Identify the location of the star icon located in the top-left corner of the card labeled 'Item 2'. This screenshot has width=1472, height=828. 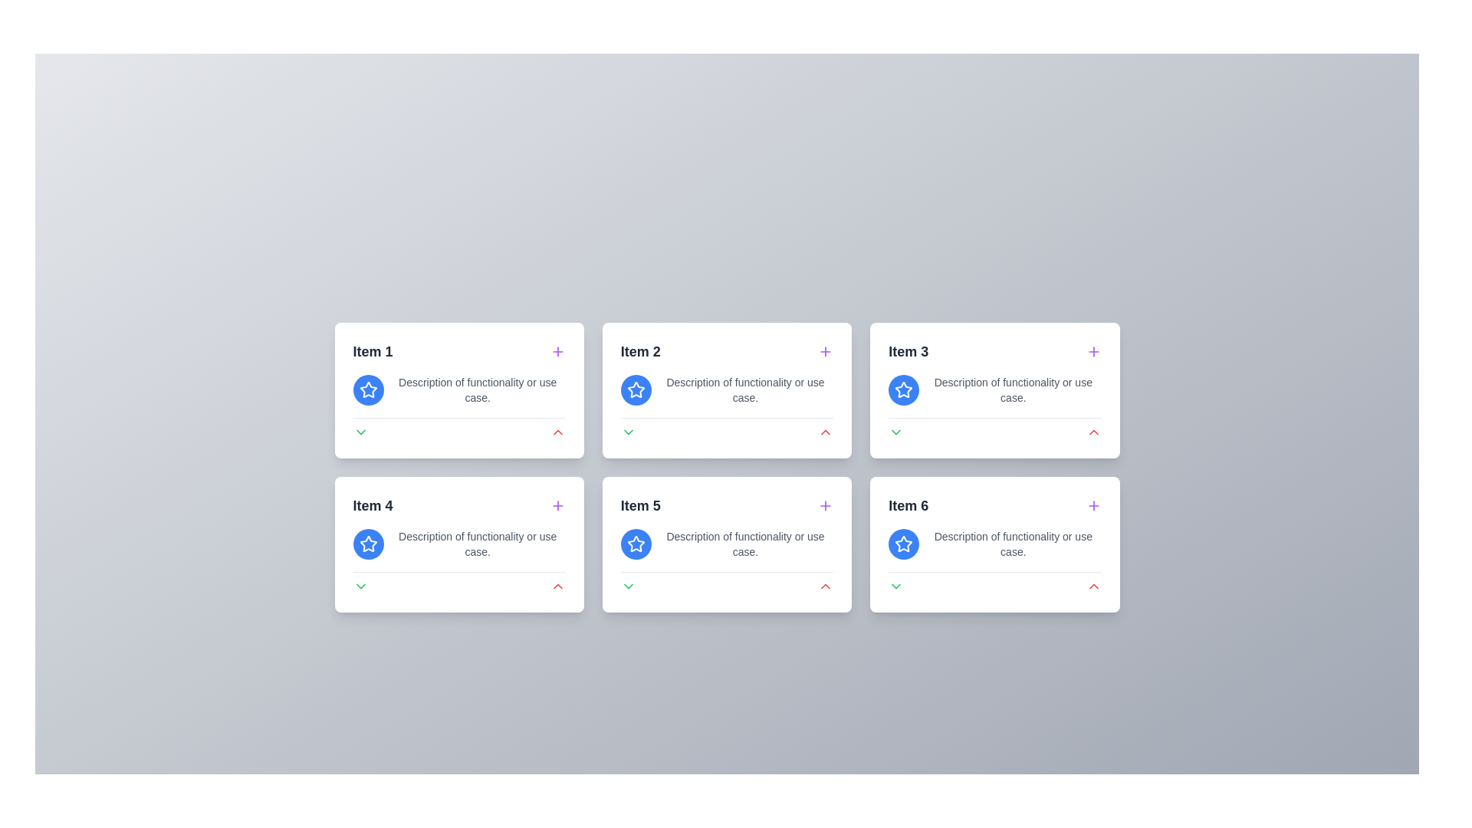
(636, 389).